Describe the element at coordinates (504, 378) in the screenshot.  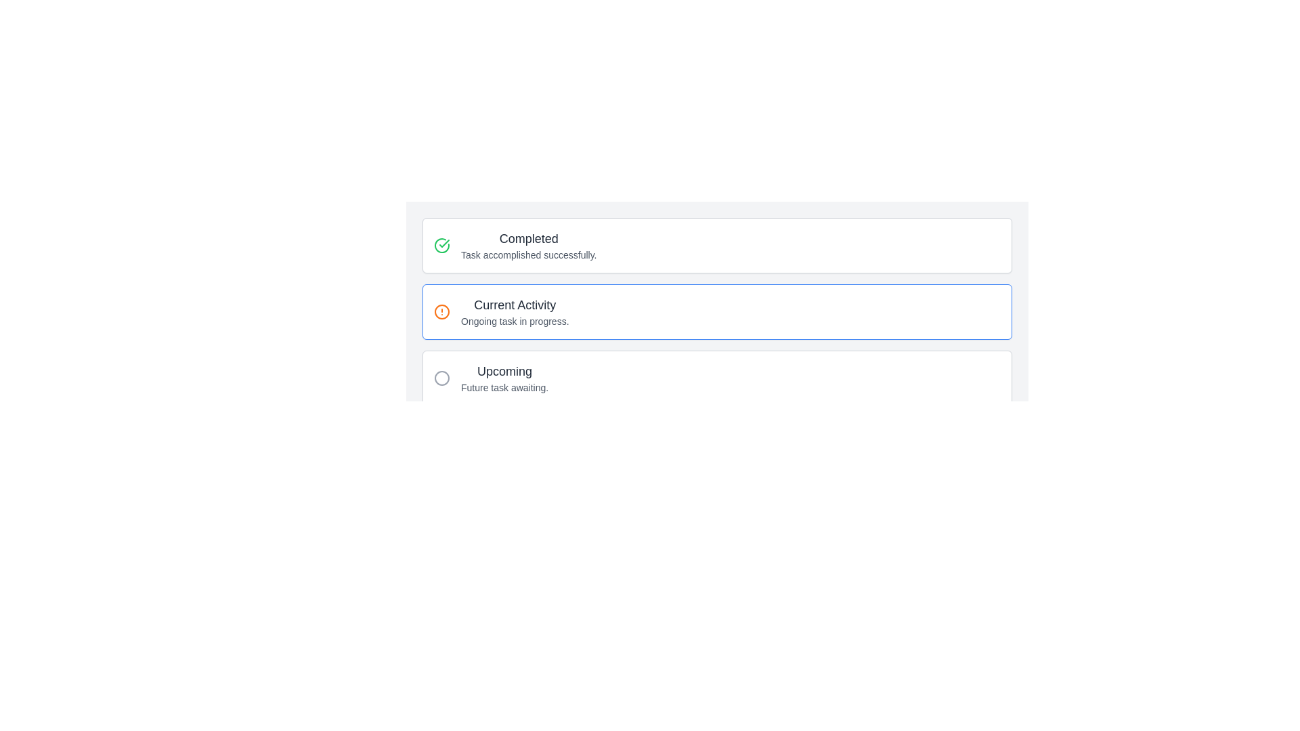
I see `the textual label element that displays 'Upcoming' in a larger dark-gray font and 'Future task awaiting.' in a smaller lighter gray font, which is positioned as the third section in a vertical stack of sections` at that location.